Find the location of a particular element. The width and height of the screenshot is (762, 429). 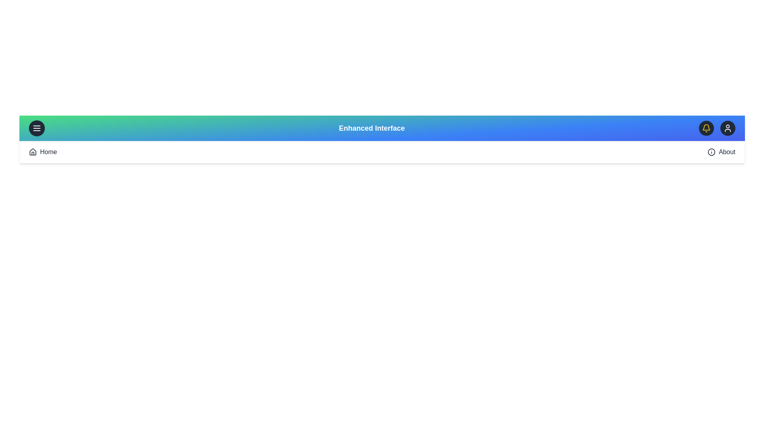

the 'About' navigation link is located at coordinates (727, 152).